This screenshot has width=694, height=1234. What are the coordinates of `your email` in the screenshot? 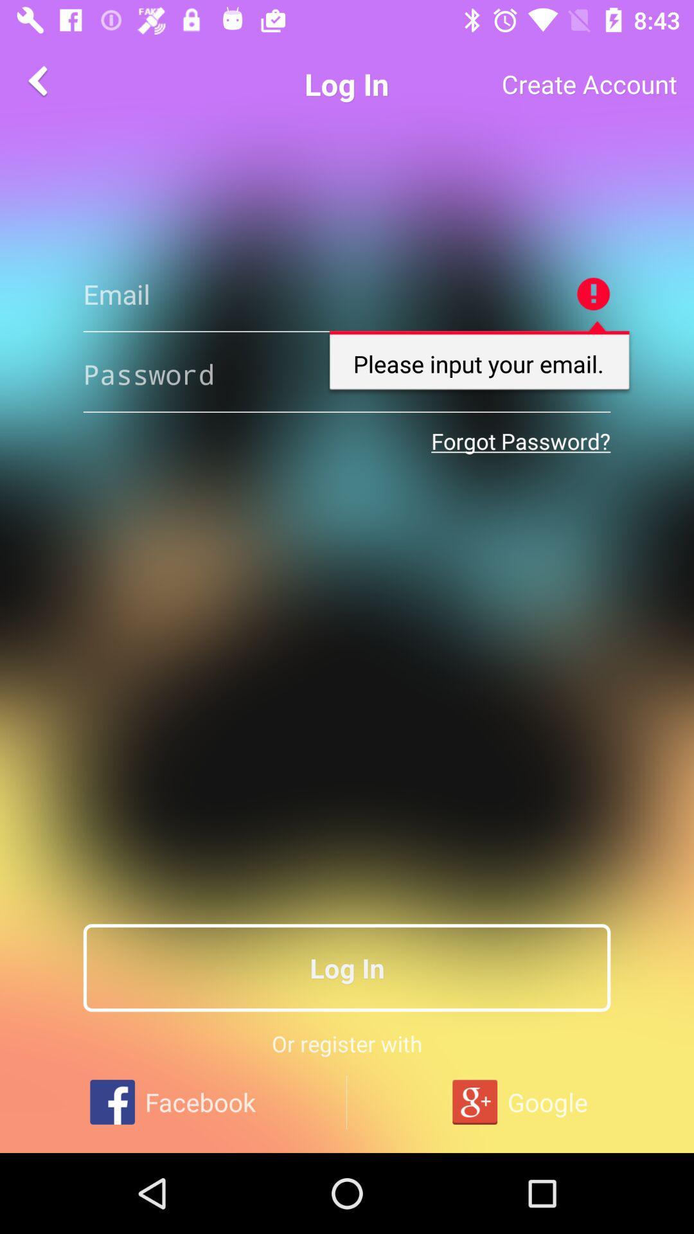 It's located at (347, 373).